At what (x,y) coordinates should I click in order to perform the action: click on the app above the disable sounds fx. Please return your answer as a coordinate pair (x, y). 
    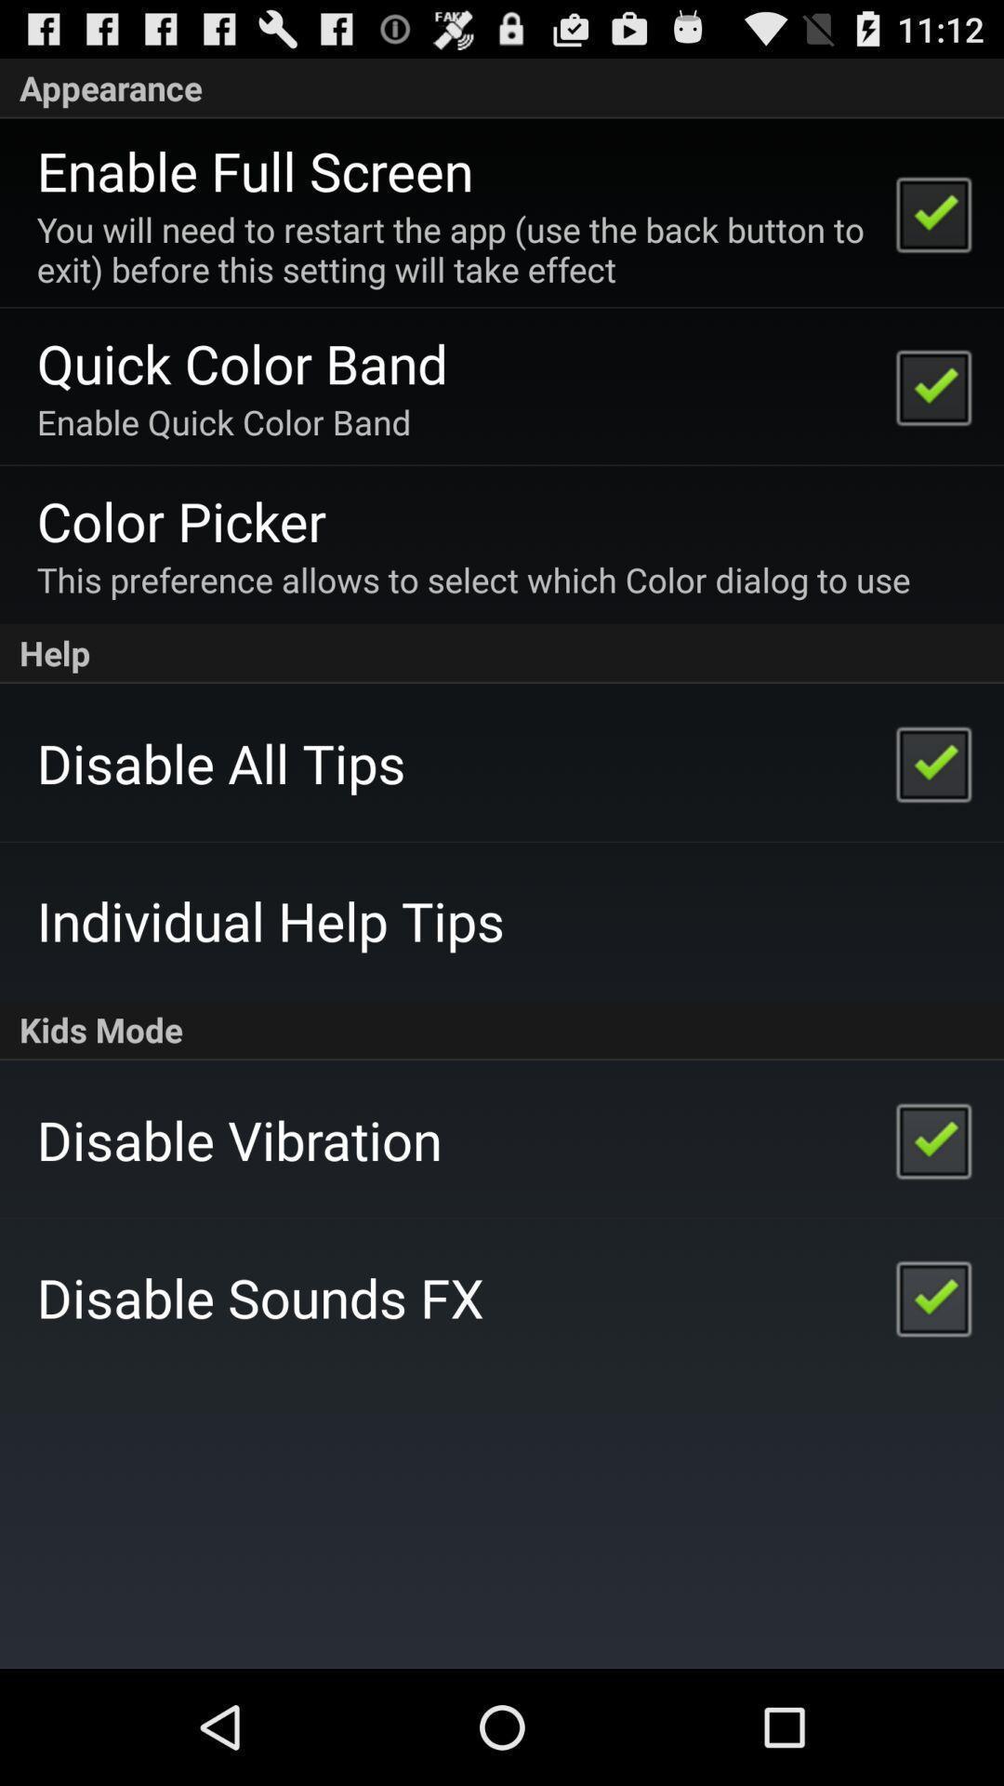
    Looking at the image, I should click on (238, 1139).